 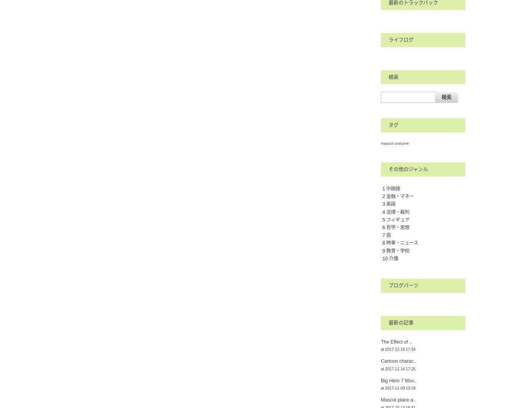 I want to click on '10', so click(x=386, y=258).